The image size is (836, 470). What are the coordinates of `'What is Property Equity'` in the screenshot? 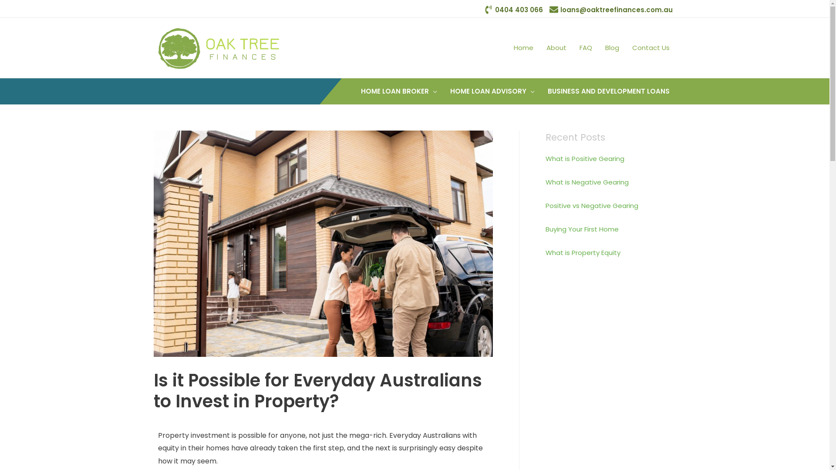 It's located at (583, 252).